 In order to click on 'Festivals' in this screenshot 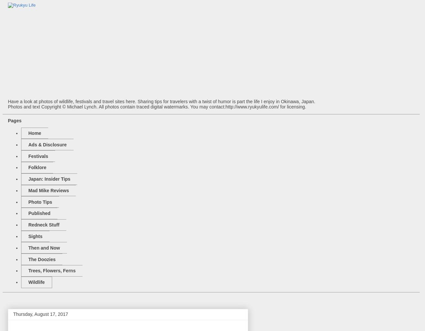, I will do `click(38, 155)`.